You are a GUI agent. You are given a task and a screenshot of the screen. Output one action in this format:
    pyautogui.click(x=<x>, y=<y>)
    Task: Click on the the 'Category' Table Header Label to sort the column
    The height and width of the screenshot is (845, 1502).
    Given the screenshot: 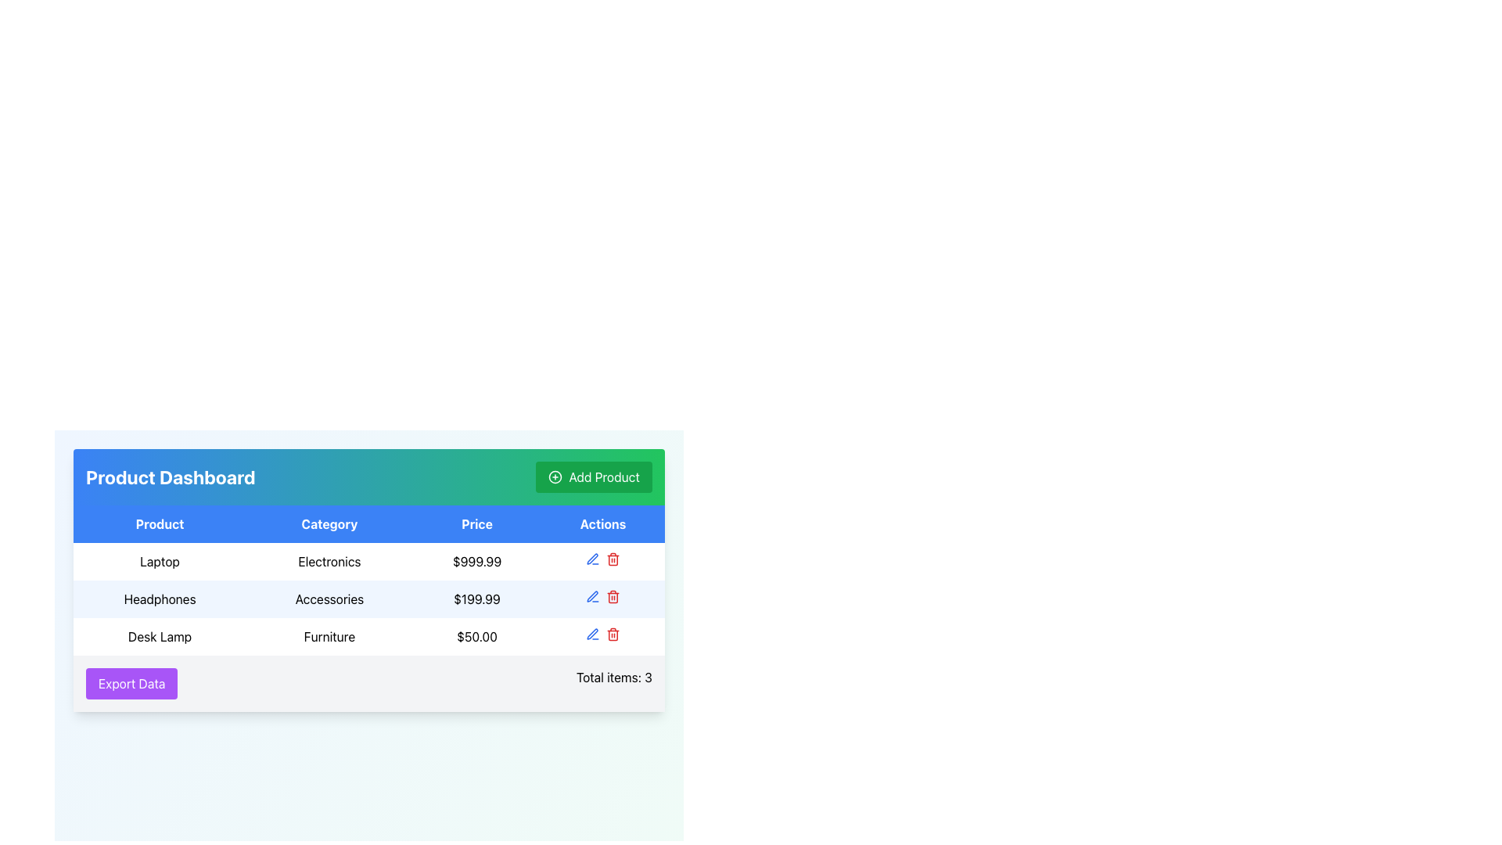 What is the action you would take?
    pyautogui.click(x=329, y=524)
    